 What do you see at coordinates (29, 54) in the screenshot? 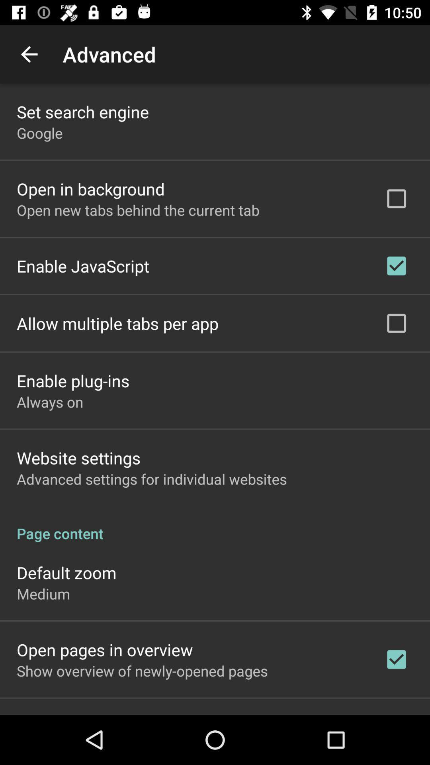
I see `item to the left of advanced app` at bounding box center [29, 54].